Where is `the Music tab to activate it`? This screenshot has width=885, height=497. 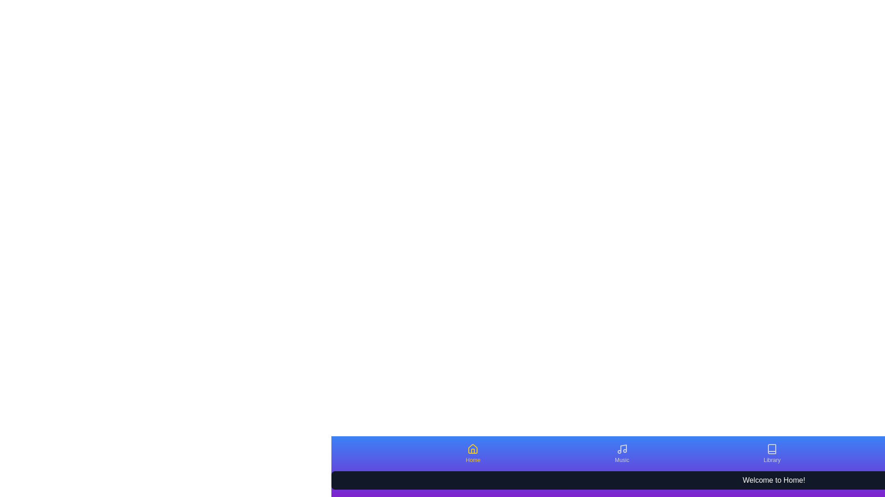
the Music tab to activate it is located at coordinates (621, 453).